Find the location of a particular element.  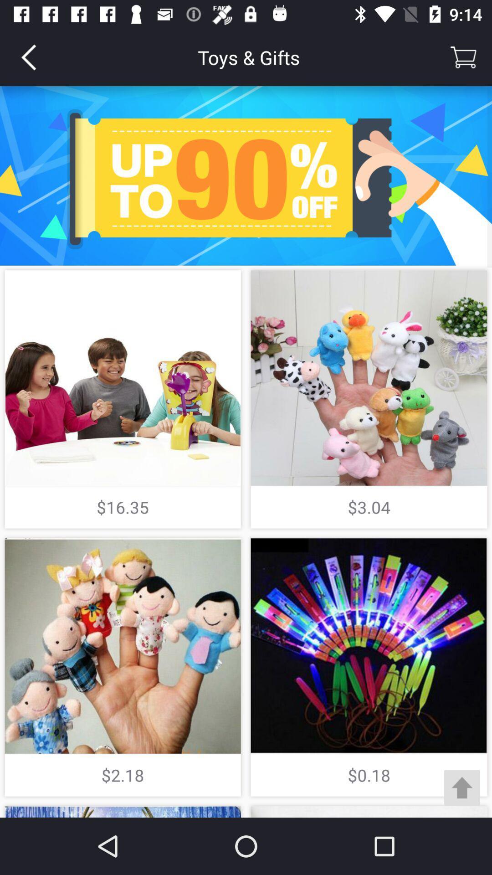

the item to the right of the toys & gifts is located at coordinates (463, 57).